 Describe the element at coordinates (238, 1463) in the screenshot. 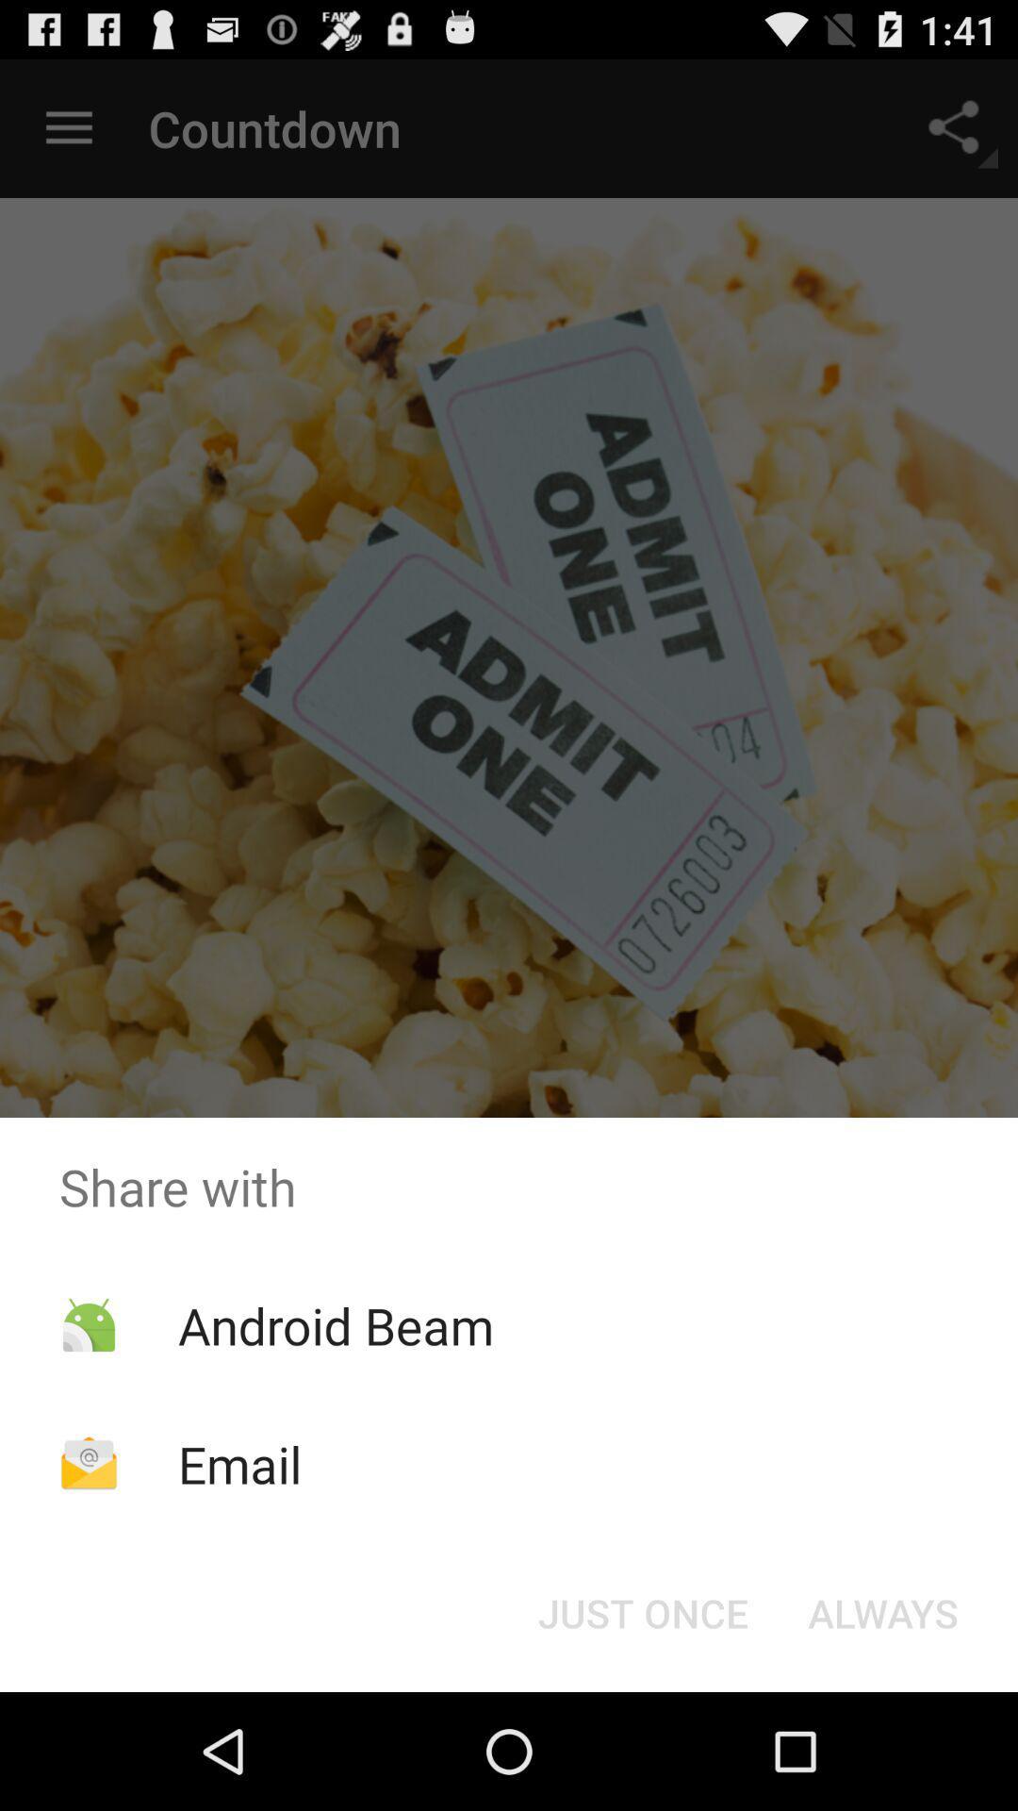

I see `the app below android beam icon` at that location.